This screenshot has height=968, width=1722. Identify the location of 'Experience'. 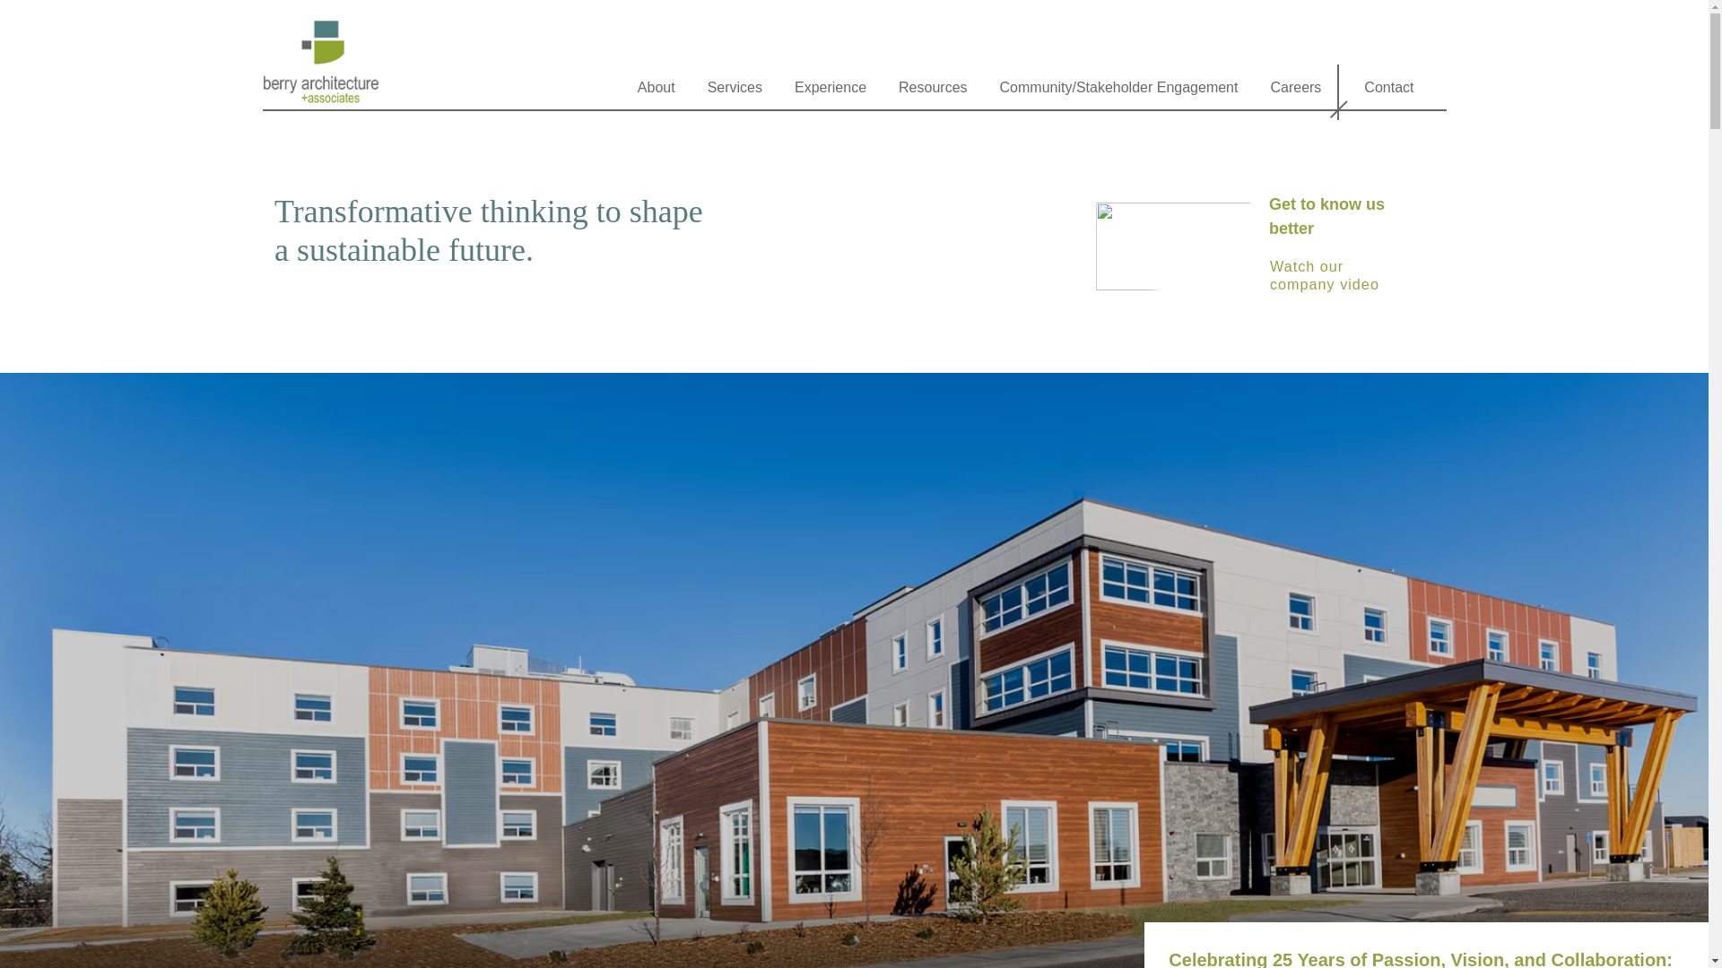
(830, 92).